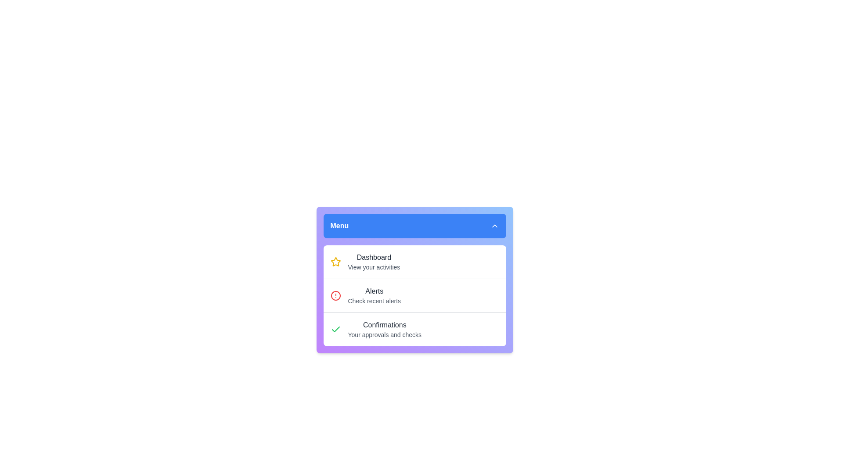 The height and width of the screenshot is (474, 843). What do you see at coordinates (374, 296) in the screenshot?
I see `the 'Alerts' text block, which is positioned in the second position of a vertical menu and displays 'Alerts' in bold followed by 'Check recent alerts'` at bounding box center [374, 296].